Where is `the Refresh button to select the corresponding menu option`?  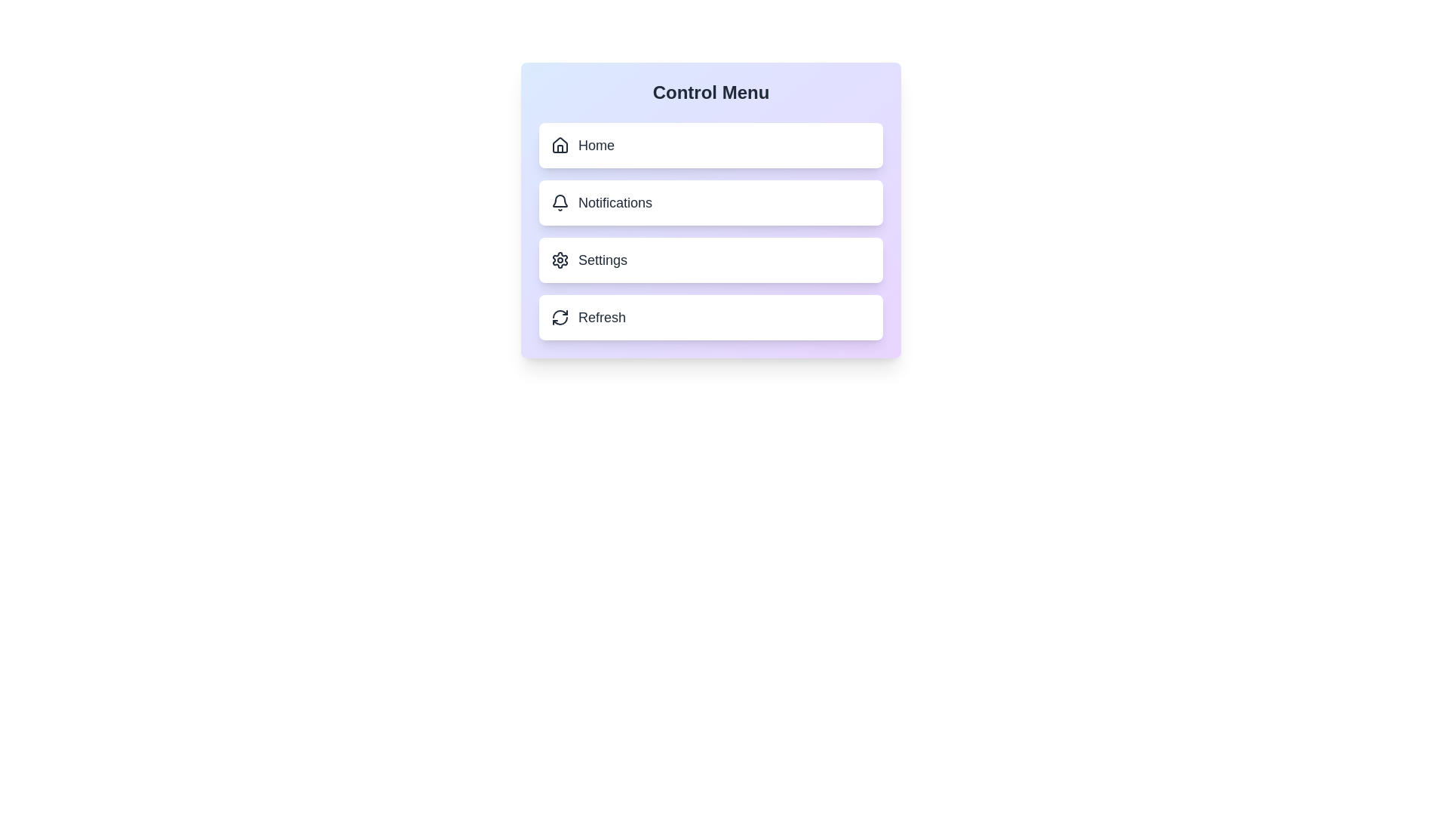 the Refresh button to select the corresponding menu option is located at coordinates (710, 316).